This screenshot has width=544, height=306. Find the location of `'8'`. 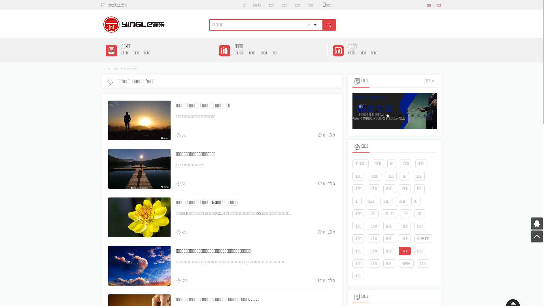

'8' is located at coordinates (406, 115).